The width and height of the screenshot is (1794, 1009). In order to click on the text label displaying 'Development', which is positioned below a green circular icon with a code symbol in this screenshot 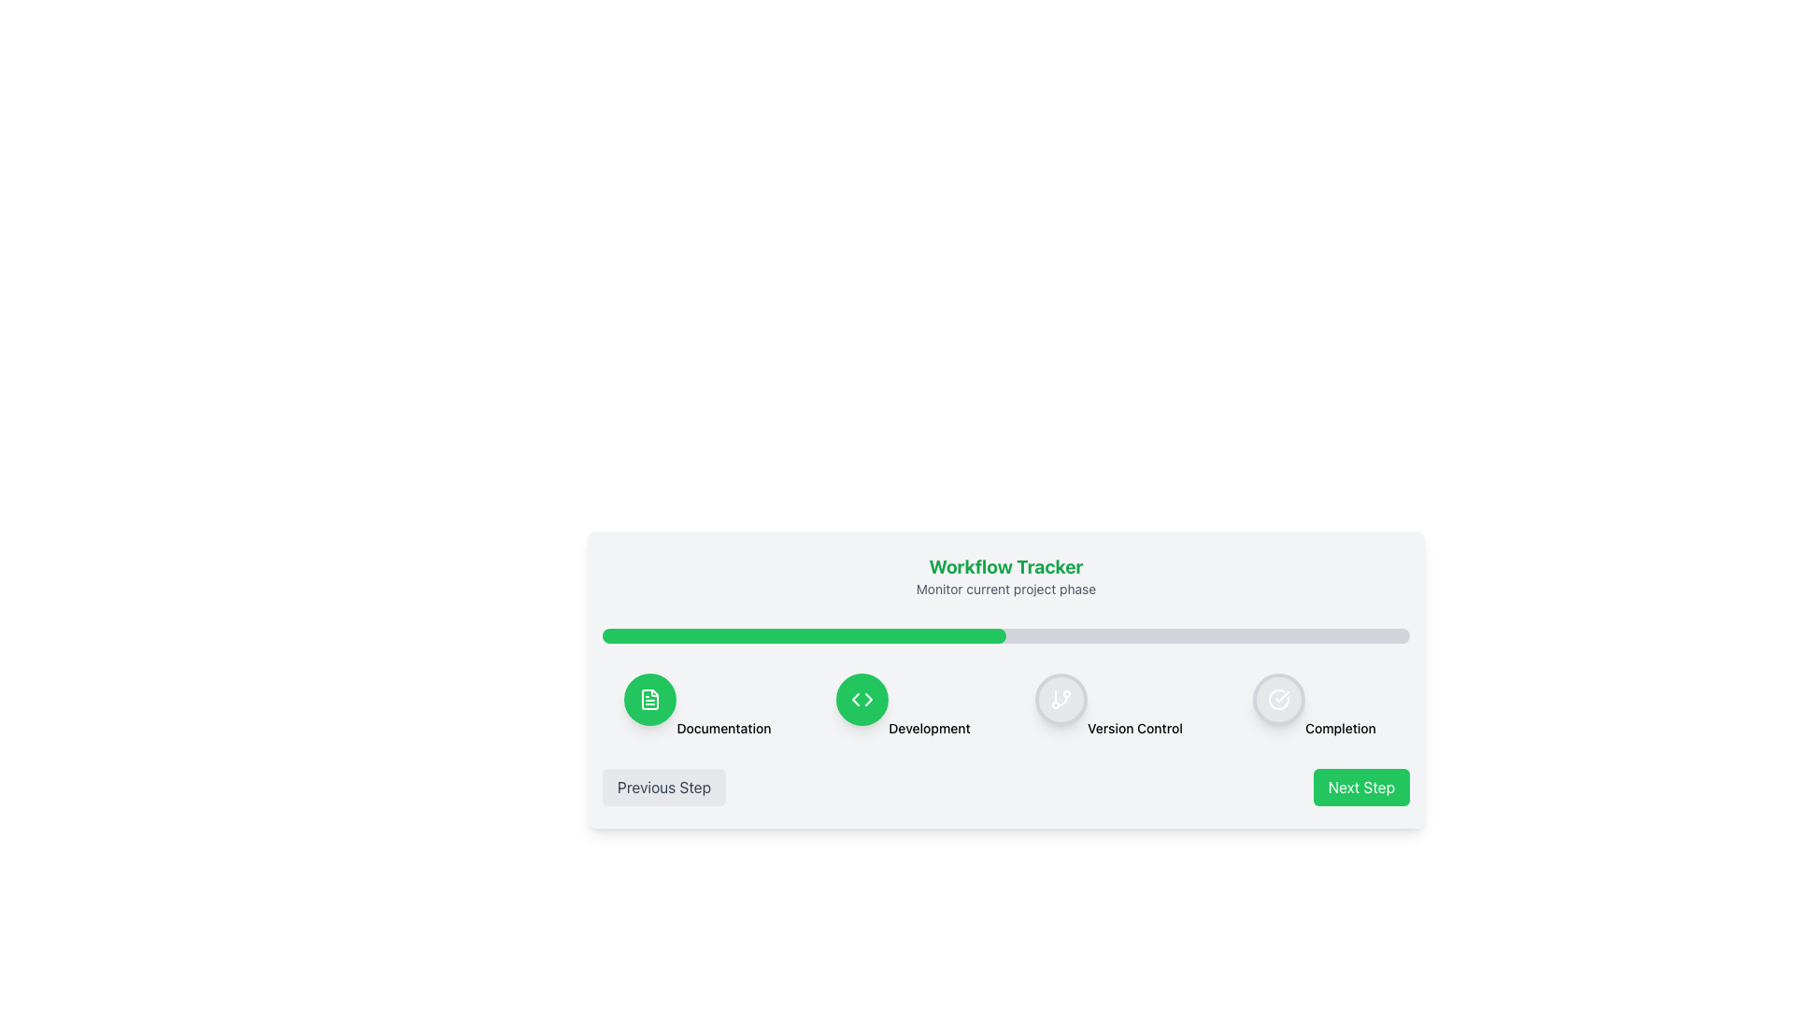, I will do `click(929, 727)`.